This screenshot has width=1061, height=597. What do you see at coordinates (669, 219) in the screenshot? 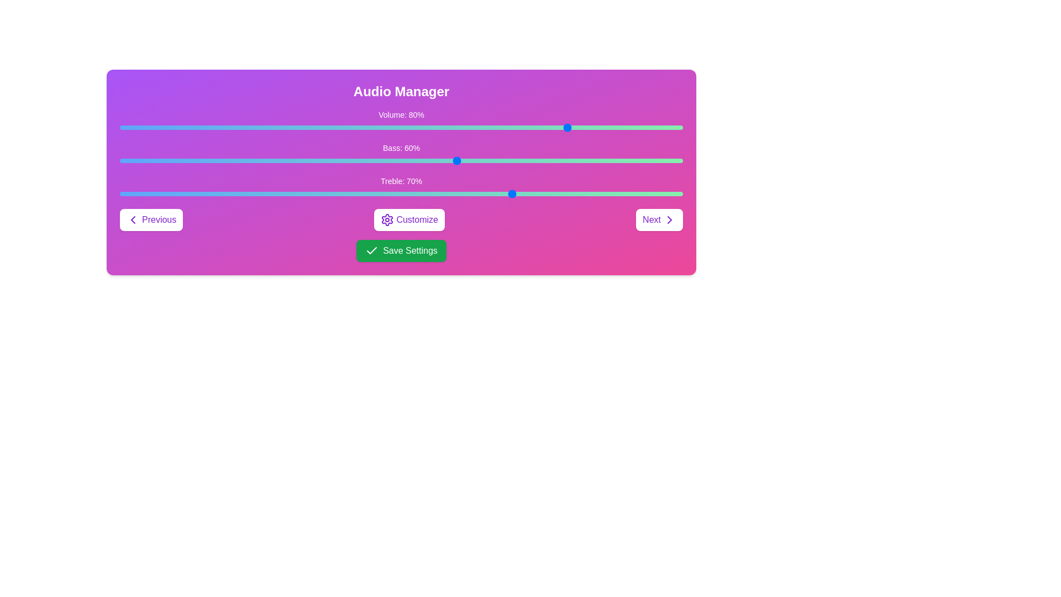
I see `the graphical indicator icon located within the 'Next' button, which is situated in the bottom-right corner of the panel` at bounding box center [669, 219].